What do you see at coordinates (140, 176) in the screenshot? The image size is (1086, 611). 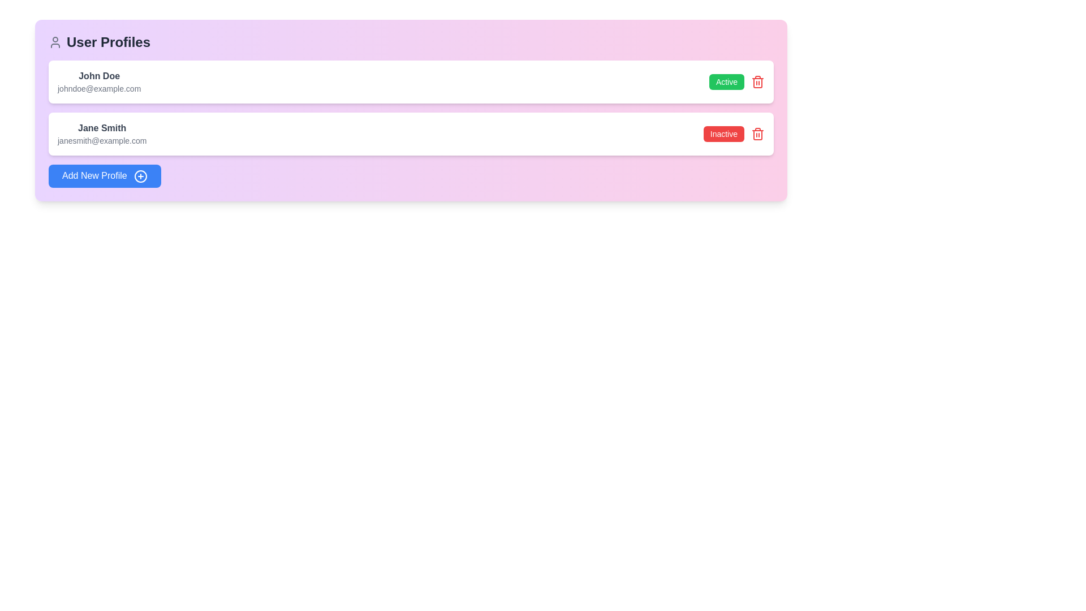 I see `the circular icon with a blue outline and white interior, which is part of the interactive button area next to the 'Add New Profile' button` at bounding box center [140, 176].